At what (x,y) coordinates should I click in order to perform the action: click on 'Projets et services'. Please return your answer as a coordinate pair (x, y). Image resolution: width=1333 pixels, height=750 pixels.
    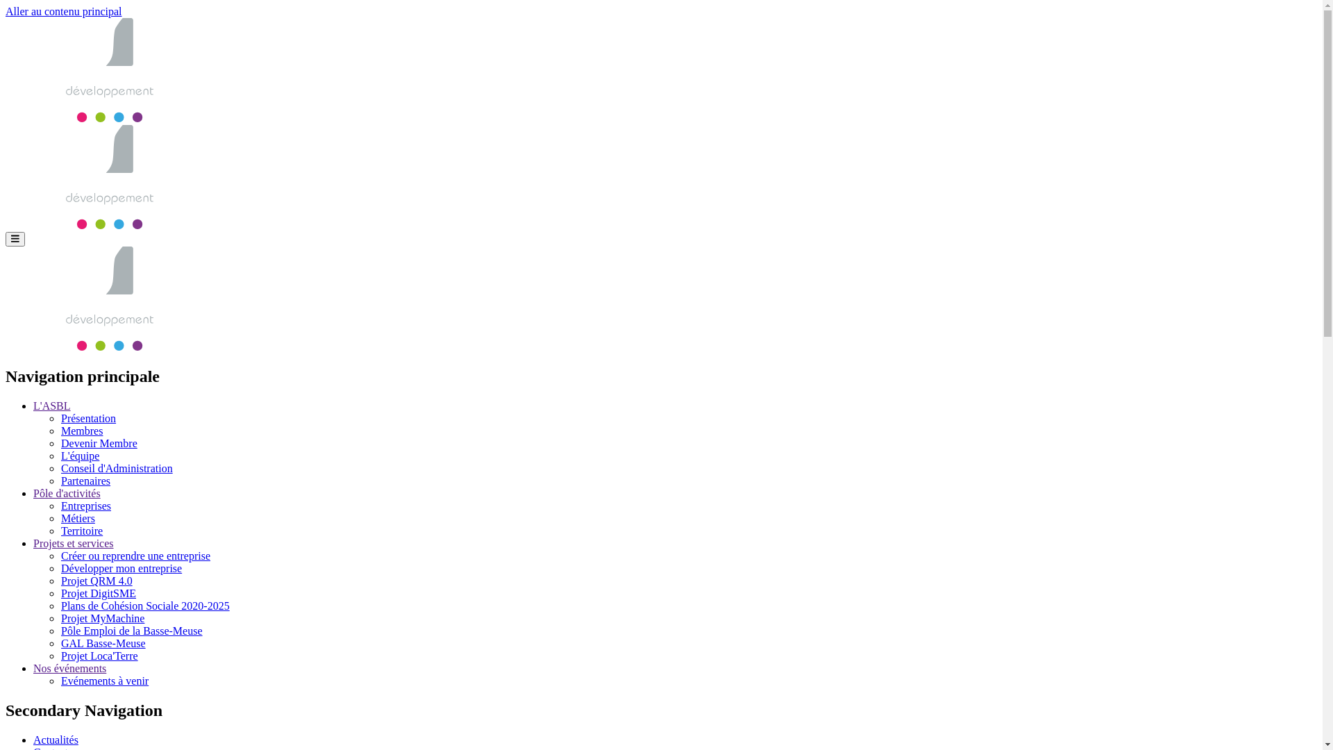
    Looking at the image, I should click on (72, 542).